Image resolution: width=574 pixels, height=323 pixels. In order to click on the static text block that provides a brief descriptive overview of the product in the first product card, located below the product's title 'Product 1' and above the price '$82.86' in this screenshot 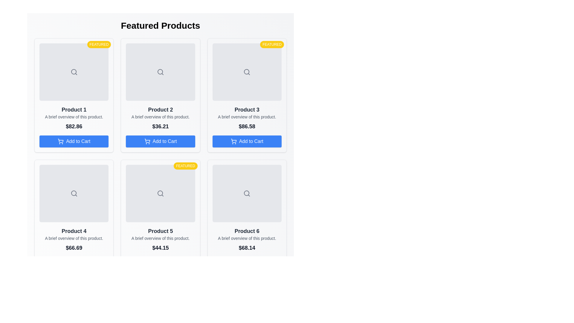, I will do `click(74, 117)`.